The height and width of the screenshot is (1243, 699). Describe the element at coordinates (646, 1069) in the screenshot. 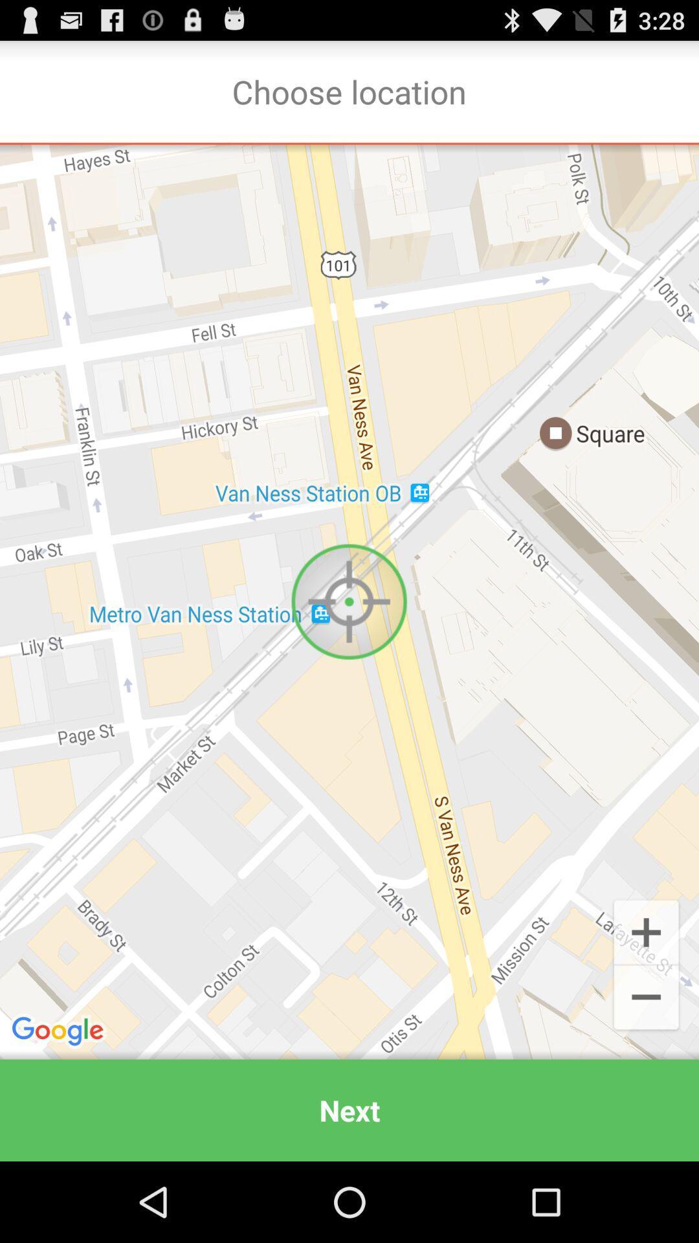

I see `the minus icon` at that location.